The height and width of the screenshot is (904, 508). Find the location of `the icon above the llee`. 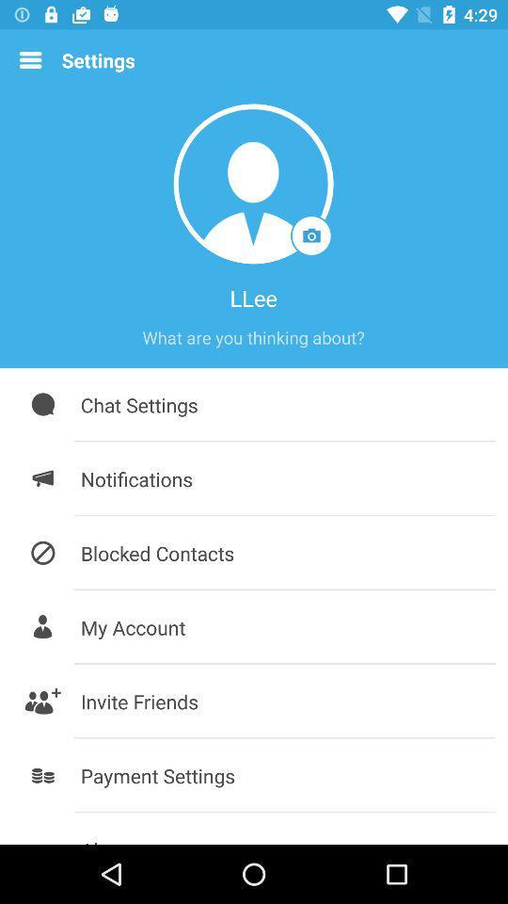

the icon above the llee is located at coordinates (253, 184).